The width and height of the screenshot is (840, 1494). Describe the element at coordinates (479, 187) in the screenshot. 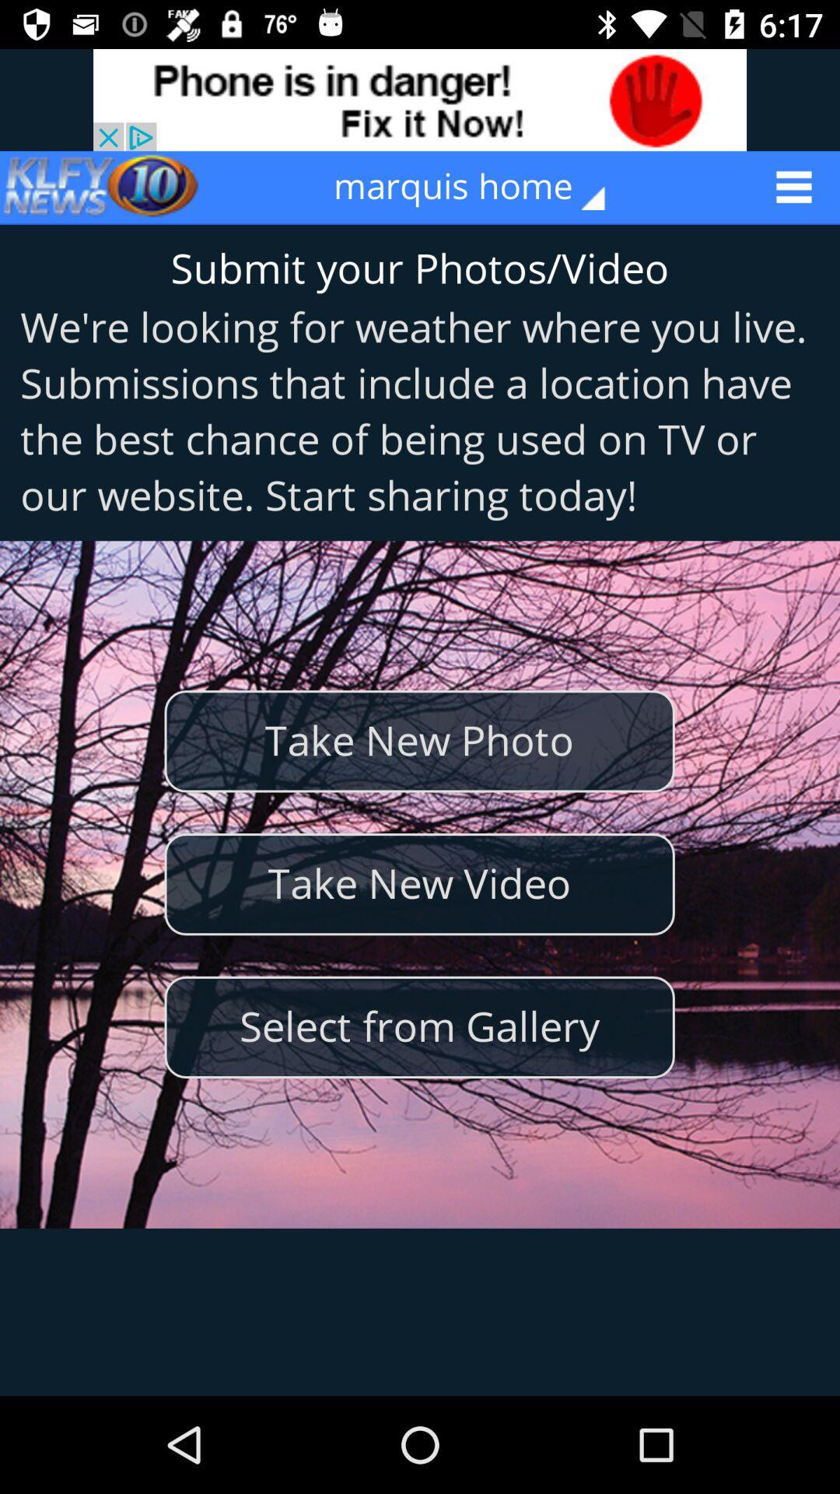

I see `the marquis home item` at that location.